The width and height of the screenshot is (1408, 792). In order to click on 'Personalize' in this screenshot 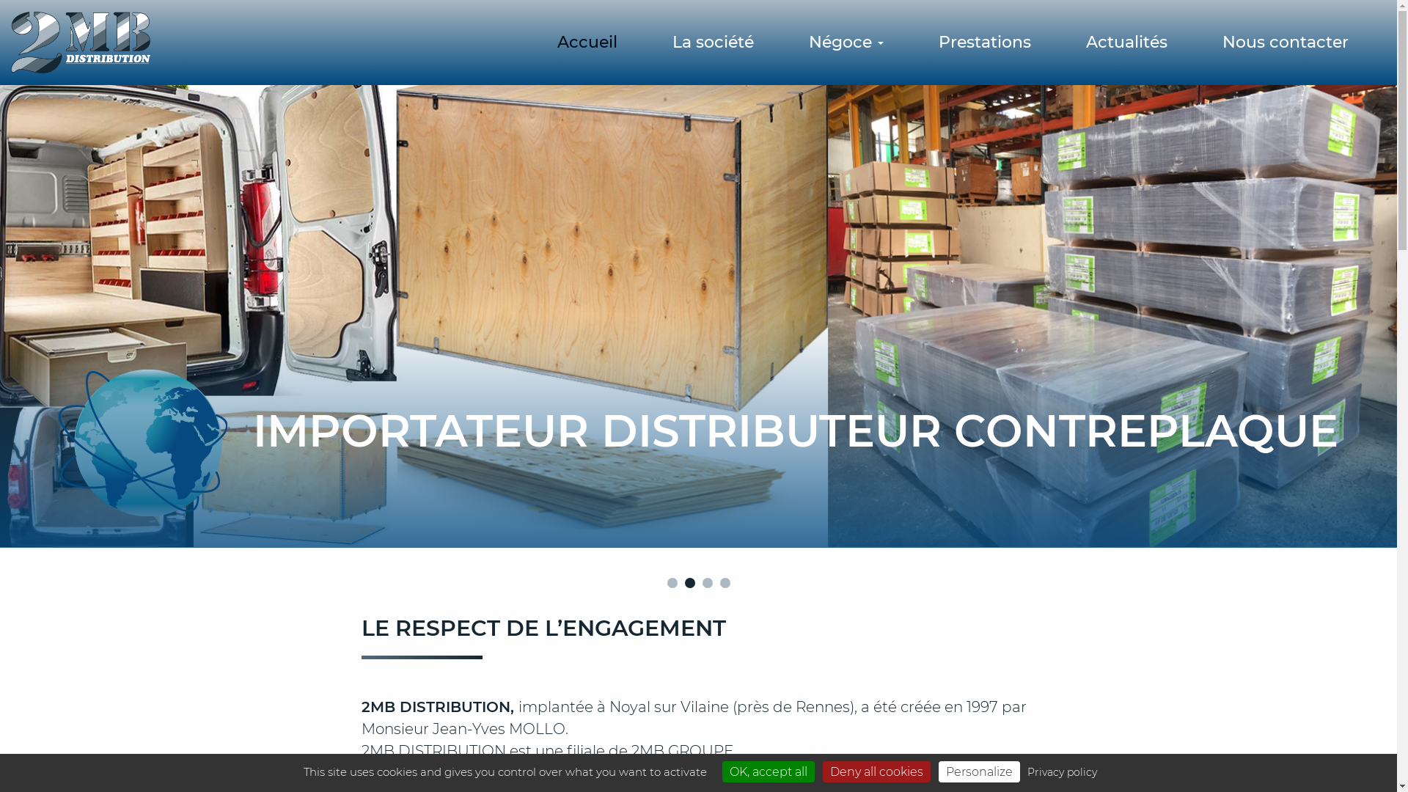, I will do `click(979, 771)`.